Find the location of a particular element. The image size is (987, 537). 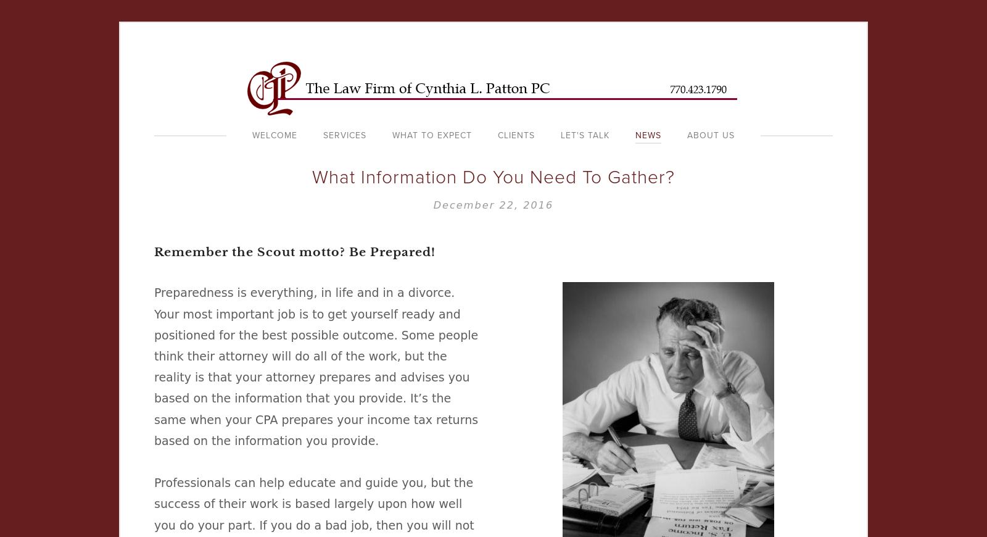

'News' is located at coordinates (648, 135).